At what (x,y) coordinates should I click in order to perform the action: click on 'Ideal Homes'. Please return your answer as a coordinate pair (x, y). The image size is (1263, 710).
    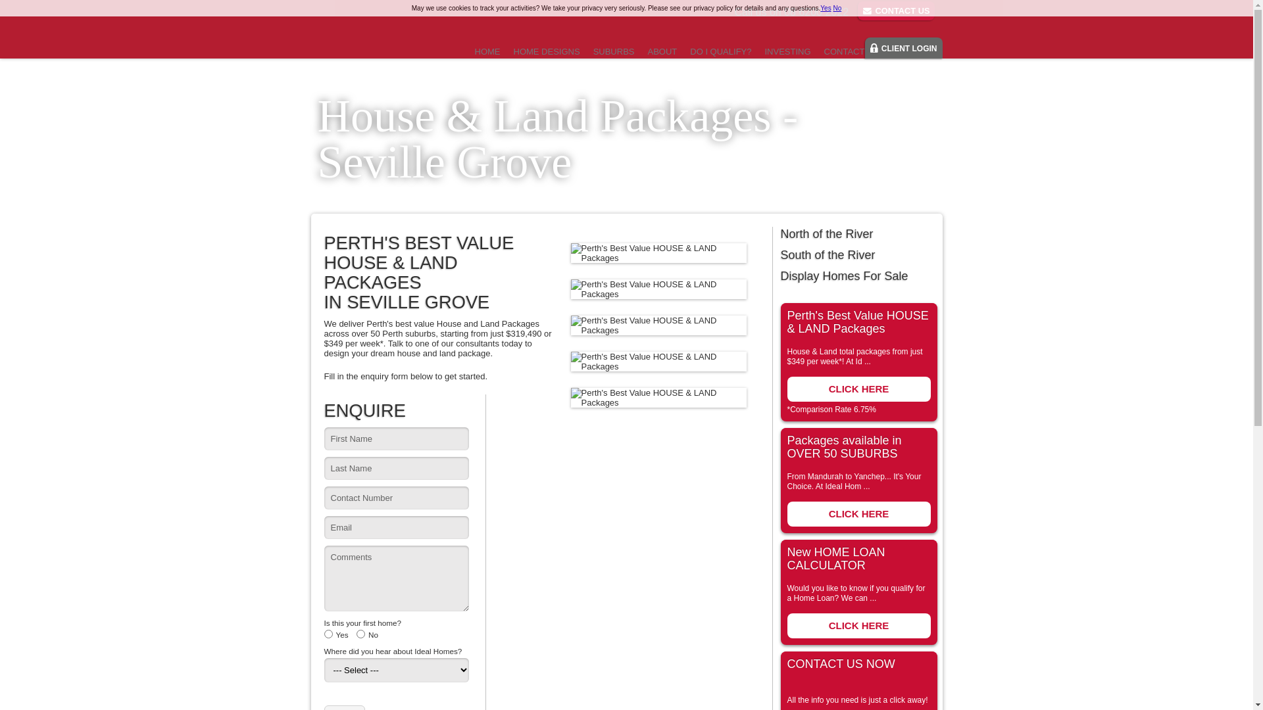
    Looking at the image, I should click on (372, 33).